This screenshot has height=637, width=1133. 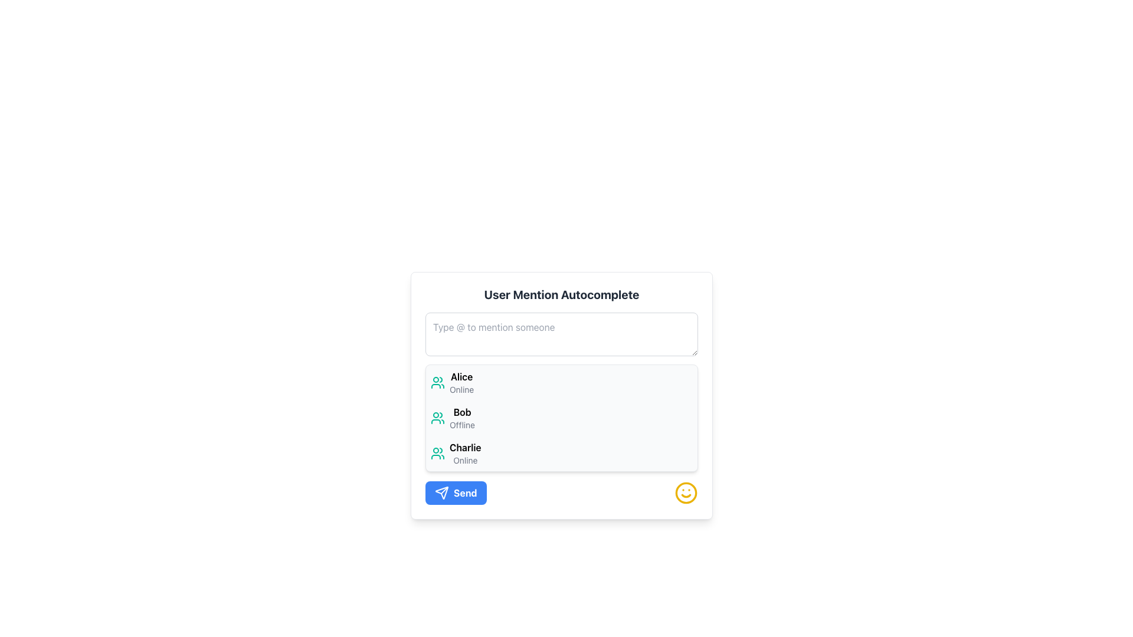 What do you see at coordinates (437, 452) in the screenshot?
I see `the icon that represents the user entry for 'Charlie', located on the leftmost side of the entry` at bounding box center [437, 452].